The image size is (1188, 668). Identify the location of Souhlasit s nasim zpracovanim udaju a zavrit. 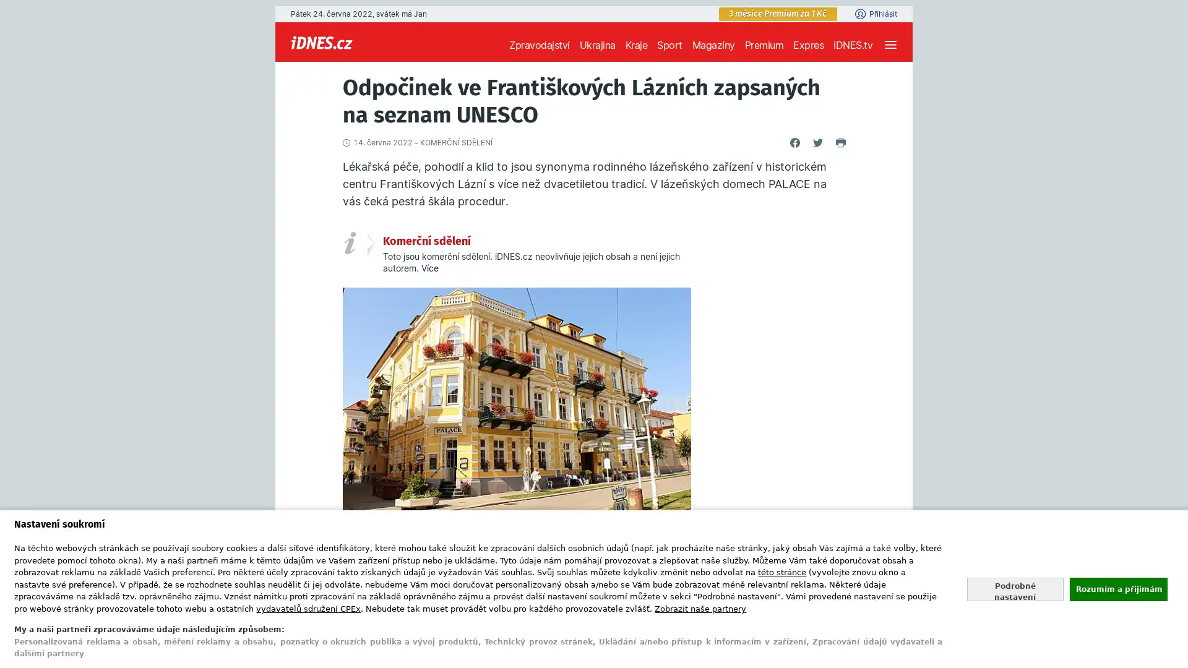
(1117, 588).